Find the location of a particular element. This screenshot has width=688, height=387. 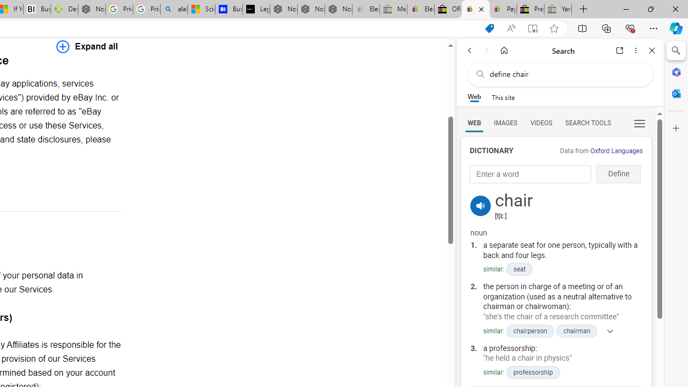

'seat' is located at coordinates (519, 269).